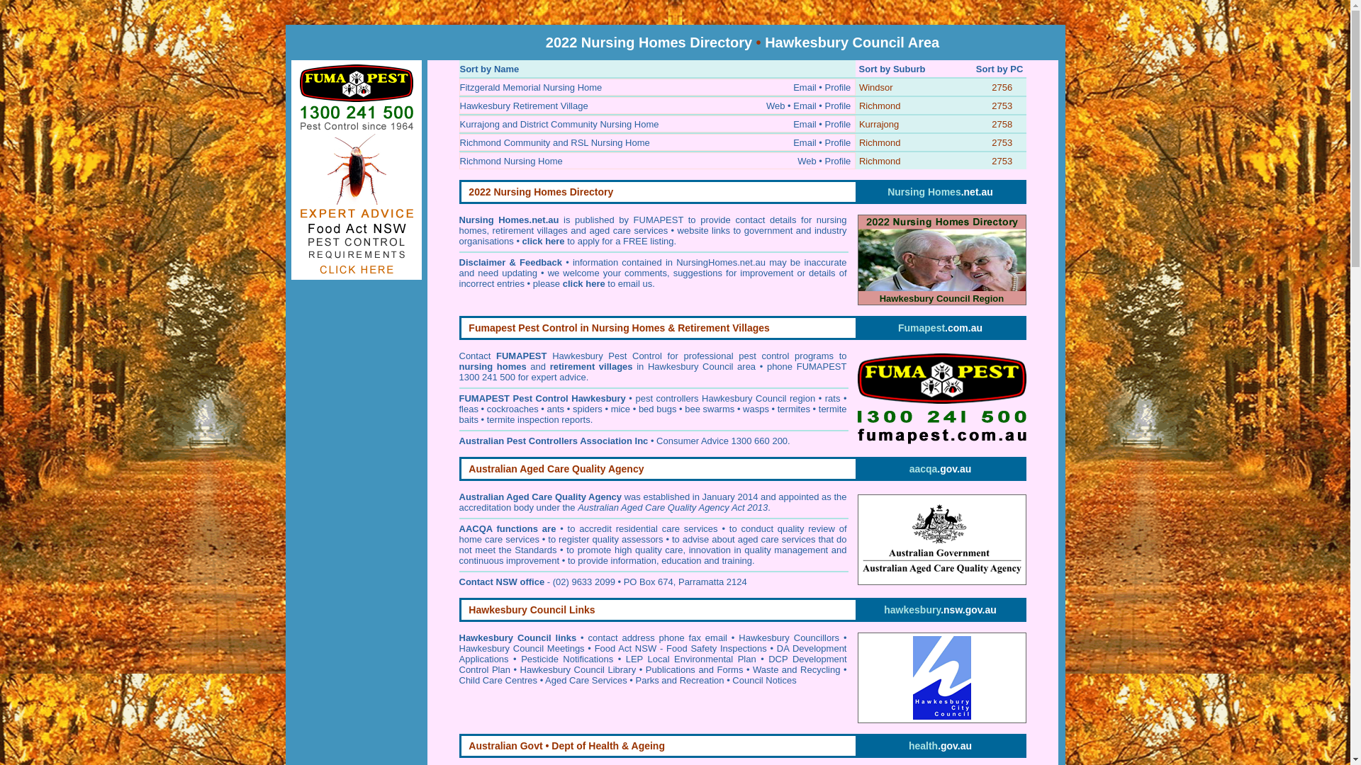 This screenshot has height=765, width=1361. What do you see at coordinates (543, 240) in the screenshot?
I see `'click here'` at bounding box center [543, 240].